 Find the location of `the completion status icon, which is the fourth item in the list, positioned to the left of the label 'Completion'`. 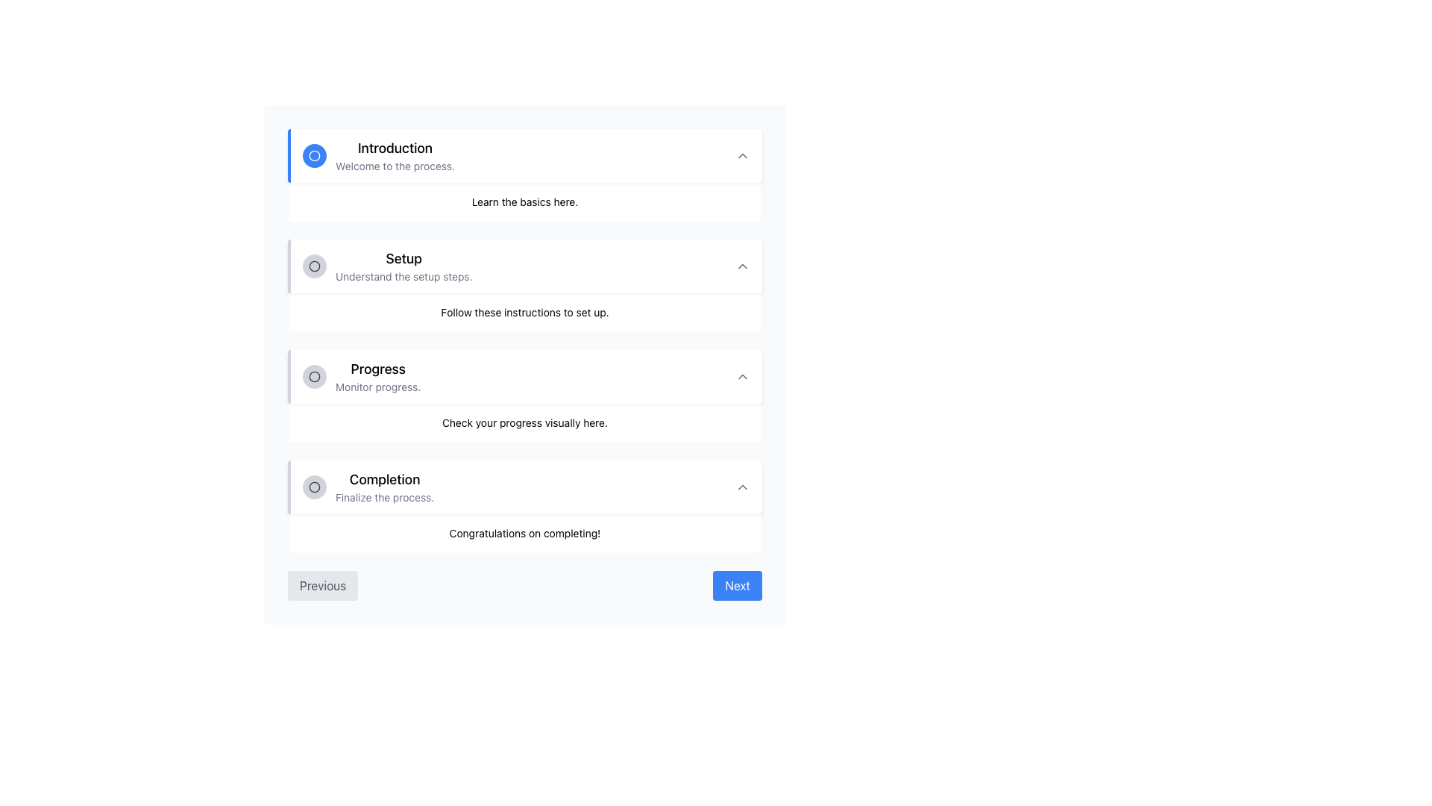

the completion status icon, which is the fourth item in the list, positioned to the left of the label 'Completion' is located at coordinates (314, 487).